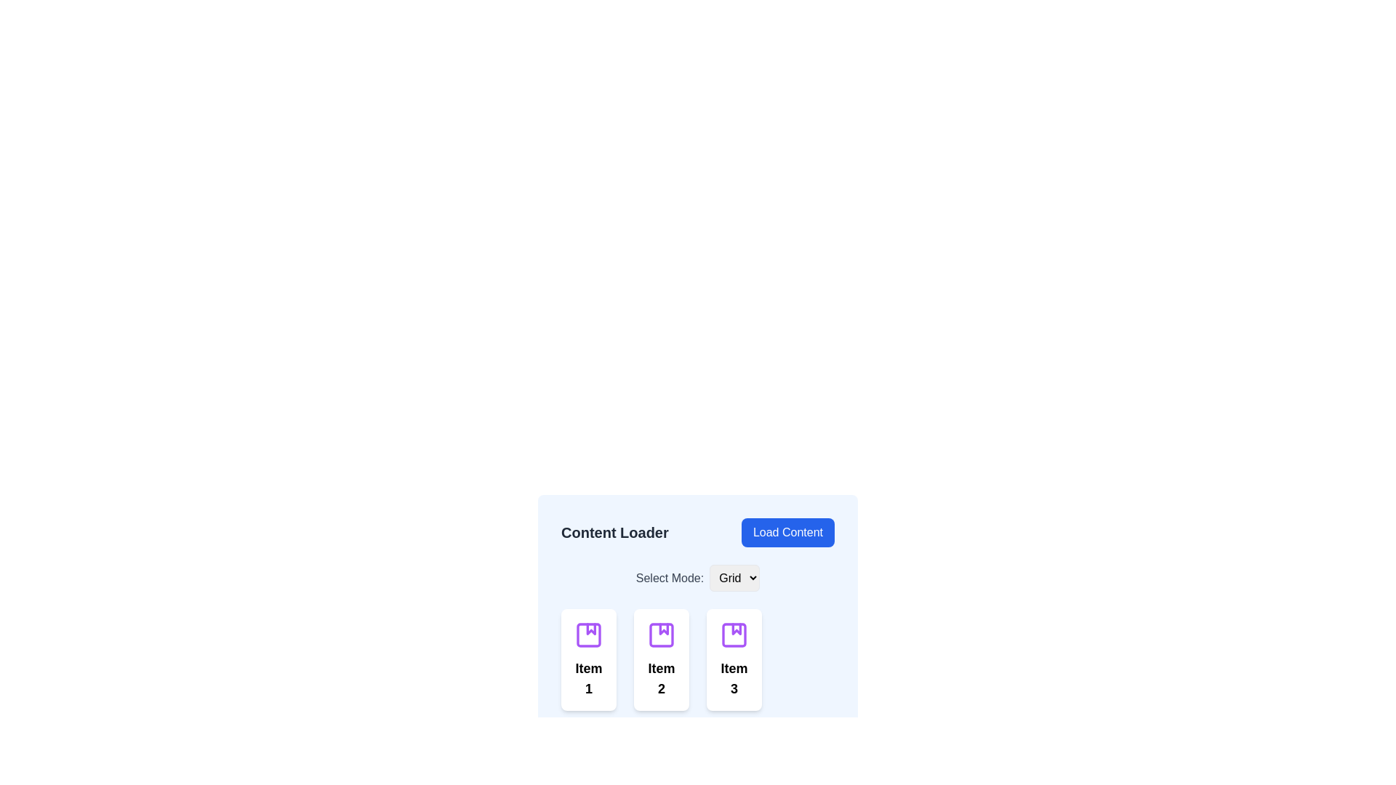 The image size is (1396, 785). Describe the element at coordinates (669, 577) in the screenshot. I see `the static text label reading 'Select Mode:' which is styled with gray text and medium font weight, located slightly to the left of the 'Grid' dropdown menu` at that location.